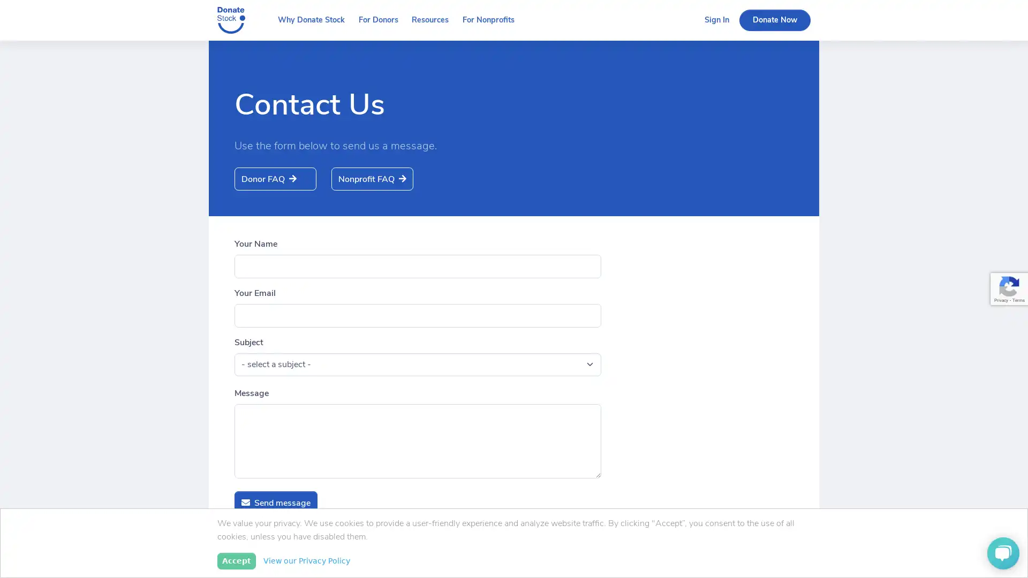 This screenshot has height=578, width=1028. I want to click on Send message, so click(276, 503).